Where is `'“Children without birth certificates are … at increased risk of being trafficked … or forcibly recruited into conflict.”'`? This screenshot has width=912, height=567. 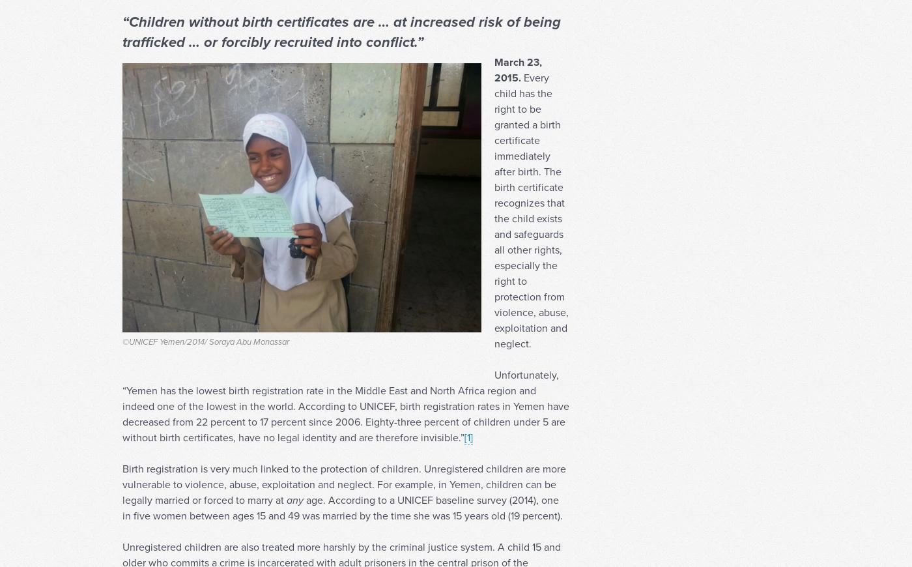 '“Children without birth certificates are … at increased risk of being trafficked … or forcibly recruited into conflict.”' is located at coordinates (341, 56).